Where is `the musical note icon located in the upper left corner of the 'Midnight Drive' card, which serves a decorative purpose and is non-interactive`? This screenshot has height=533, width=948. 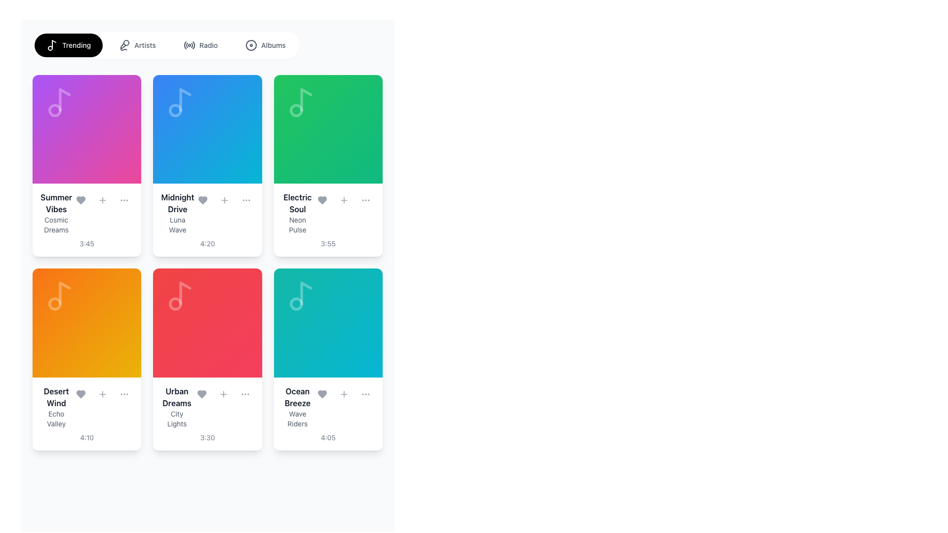
the musical note icon located in the upper left corner of the 'Midnight Drive' card, which serves a decorative purpose and is non-interactive is located at coordinates (181, 103).